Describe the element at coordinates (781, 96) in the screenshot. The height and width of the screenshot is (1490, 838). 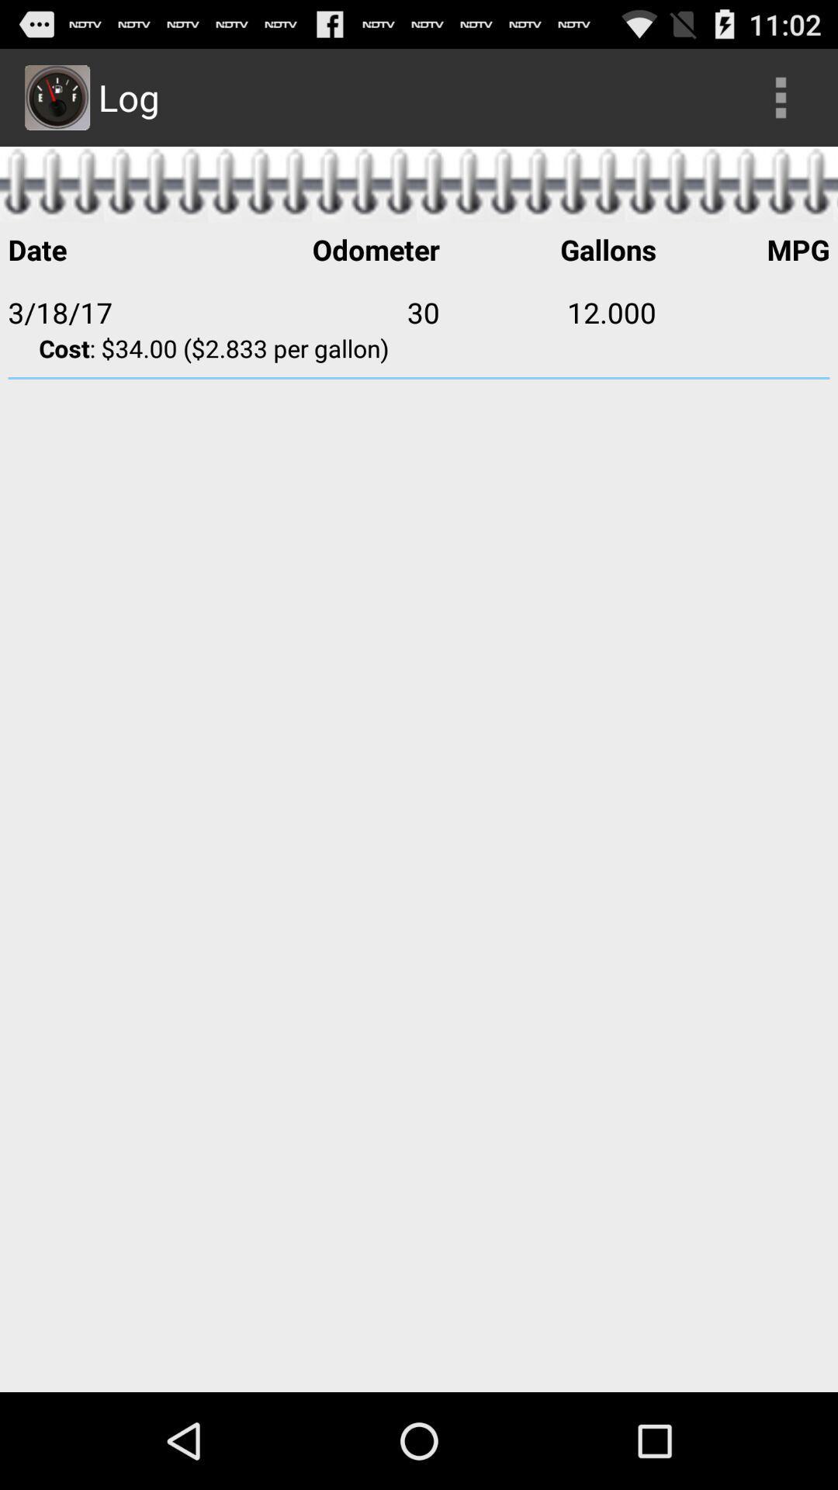
I see `the right icon in the first line` at that location.